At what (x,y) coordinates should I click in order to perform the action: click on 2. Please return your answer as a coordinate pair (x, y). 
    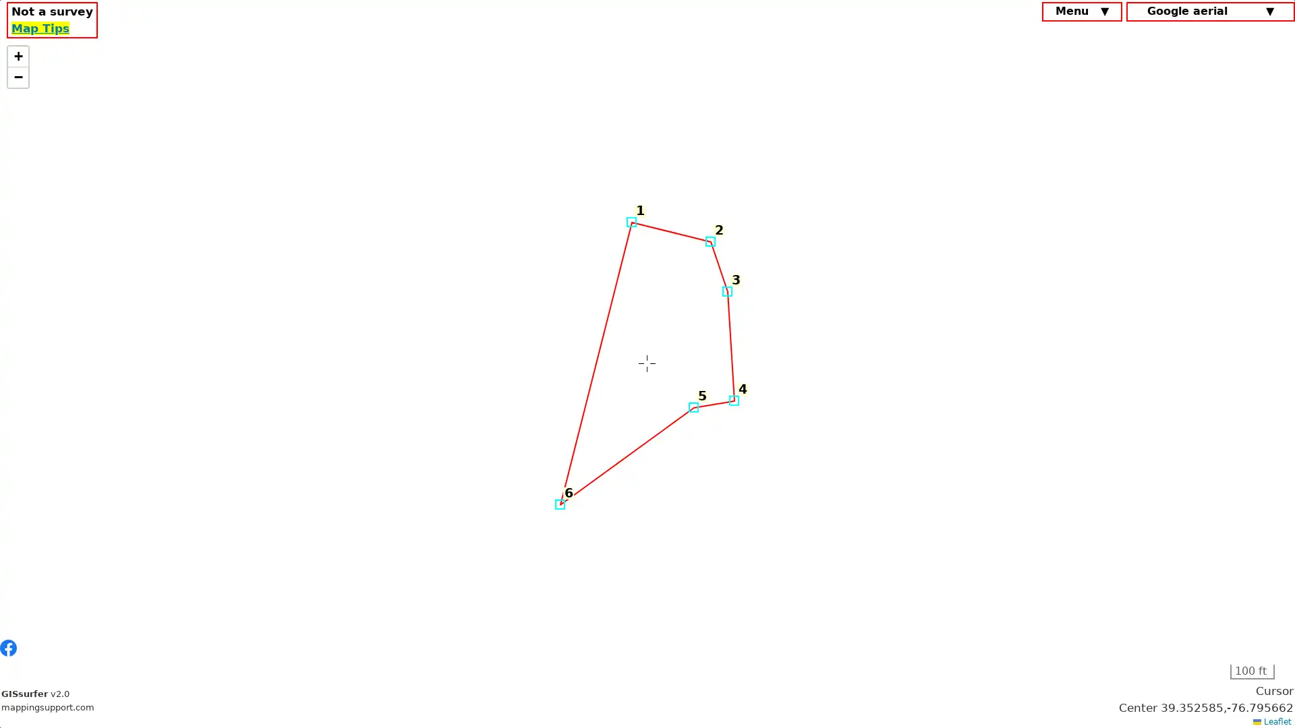
    Looking at the image, I should click on (718, 230).